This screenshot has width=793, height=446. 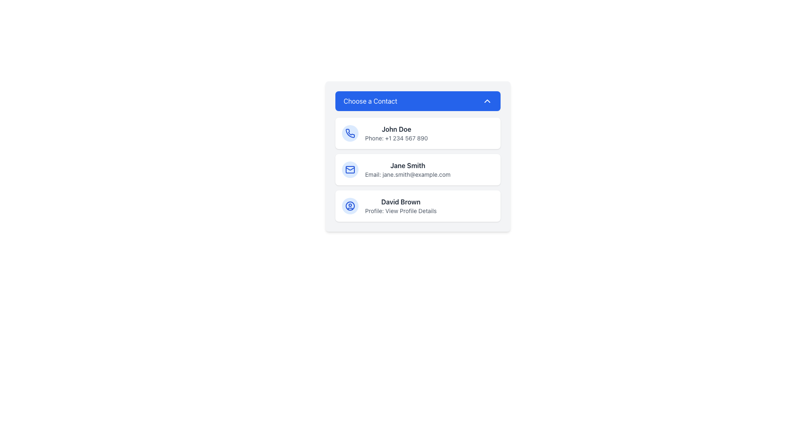 What do you see at coordinates (350, 133) in the screenshot?
I see `the dark blue phone receiver icon located on the left side of the contact entry for 'John Doe'` at bounding box center [350, 133].